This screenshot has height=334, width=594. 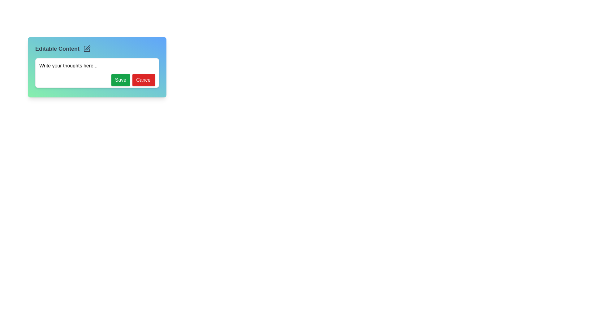 What do you see at coordinates (87, 47) in the screenshot?
I see `the edit icon located in the top-right corner of the card labeled 'Editable Content' to initiate editing` at bounding box center [87, 47].